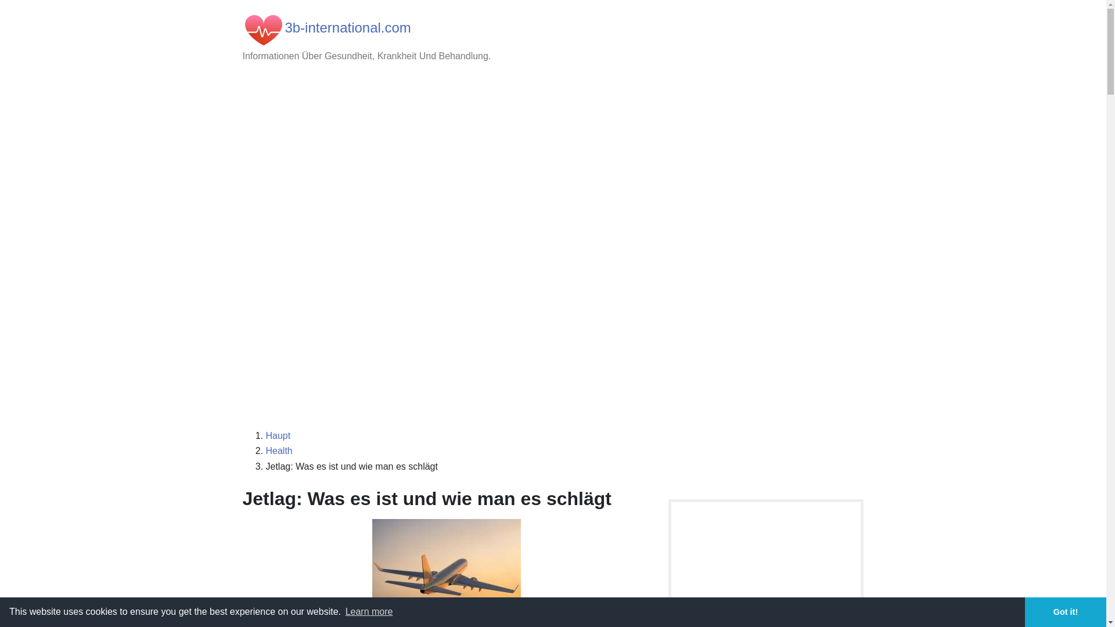 Image resolution: width=1115 pixels, height=627 pixels. What do you see at coordinates (553, 336) in the screenshot?
I see `'Advertisement'` at bounding box center [553, 336].